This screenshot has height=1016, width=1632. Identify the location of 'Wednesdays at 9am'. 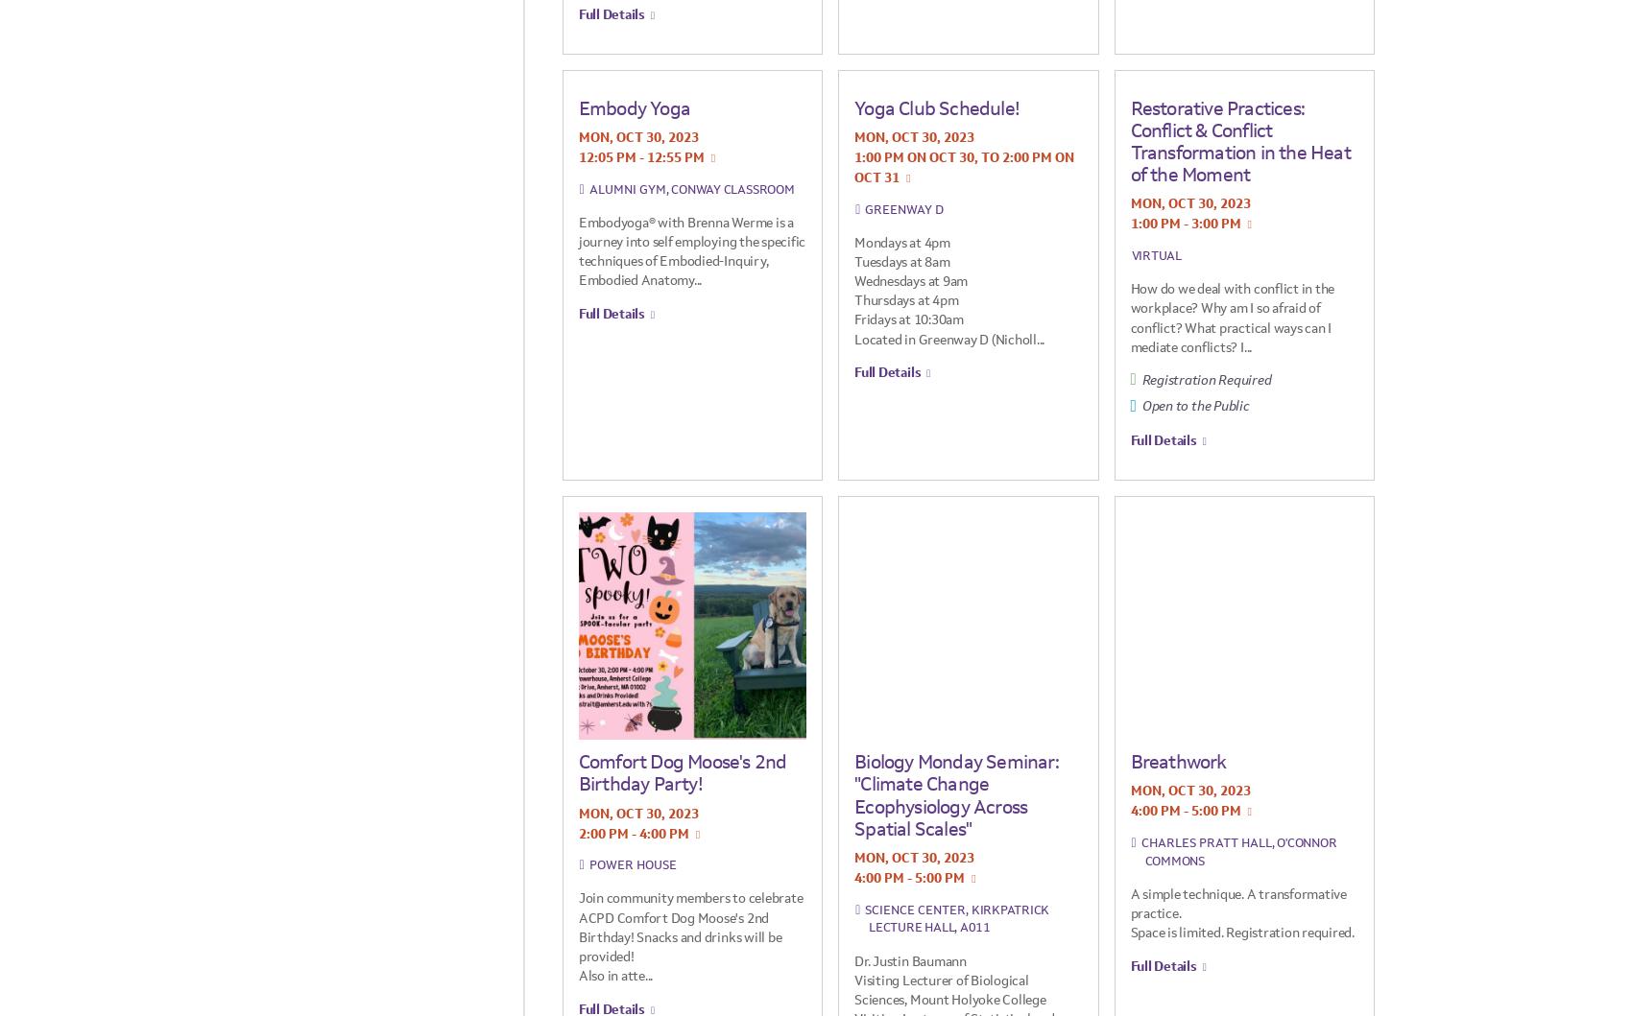
(910, 281).